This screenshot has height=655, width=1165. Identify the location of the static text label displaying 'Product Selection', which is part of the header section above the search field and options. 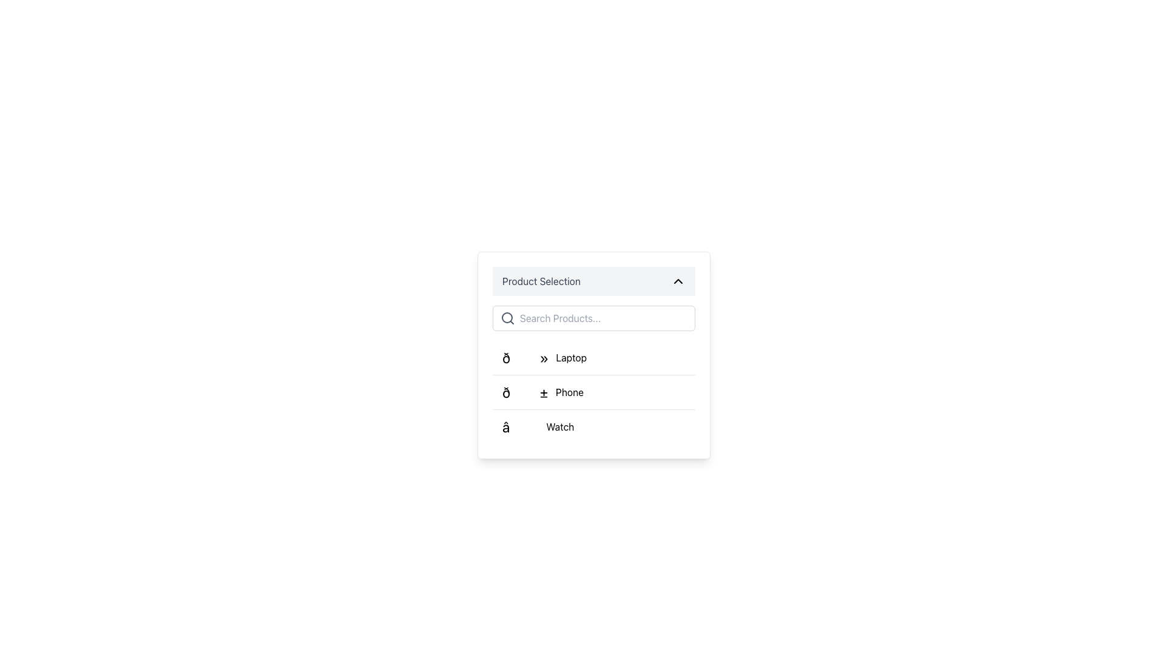
(541, 281).